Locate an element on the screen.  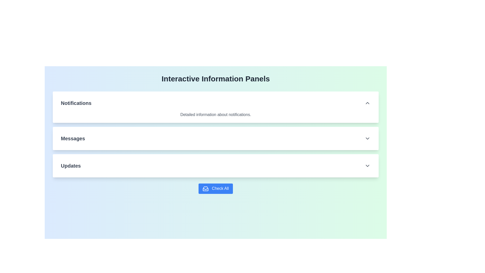
the inbox icon within the 'Check All' button located at the bottom of the panel is located at coordinates (206, 189).